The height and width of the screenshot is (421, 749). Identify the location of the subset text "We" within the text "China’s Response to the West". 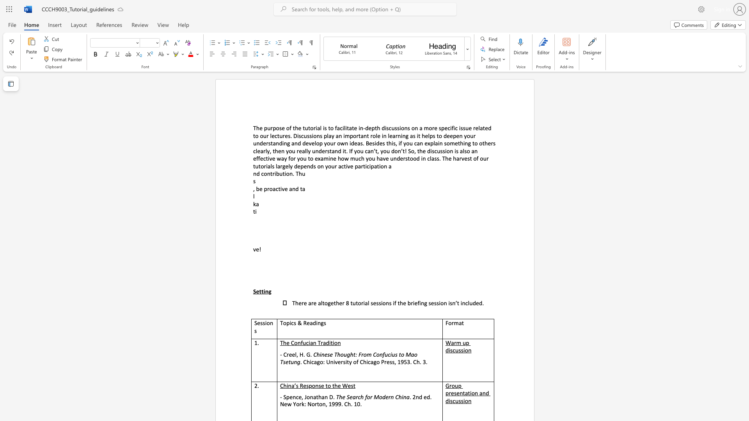
(342, 385).